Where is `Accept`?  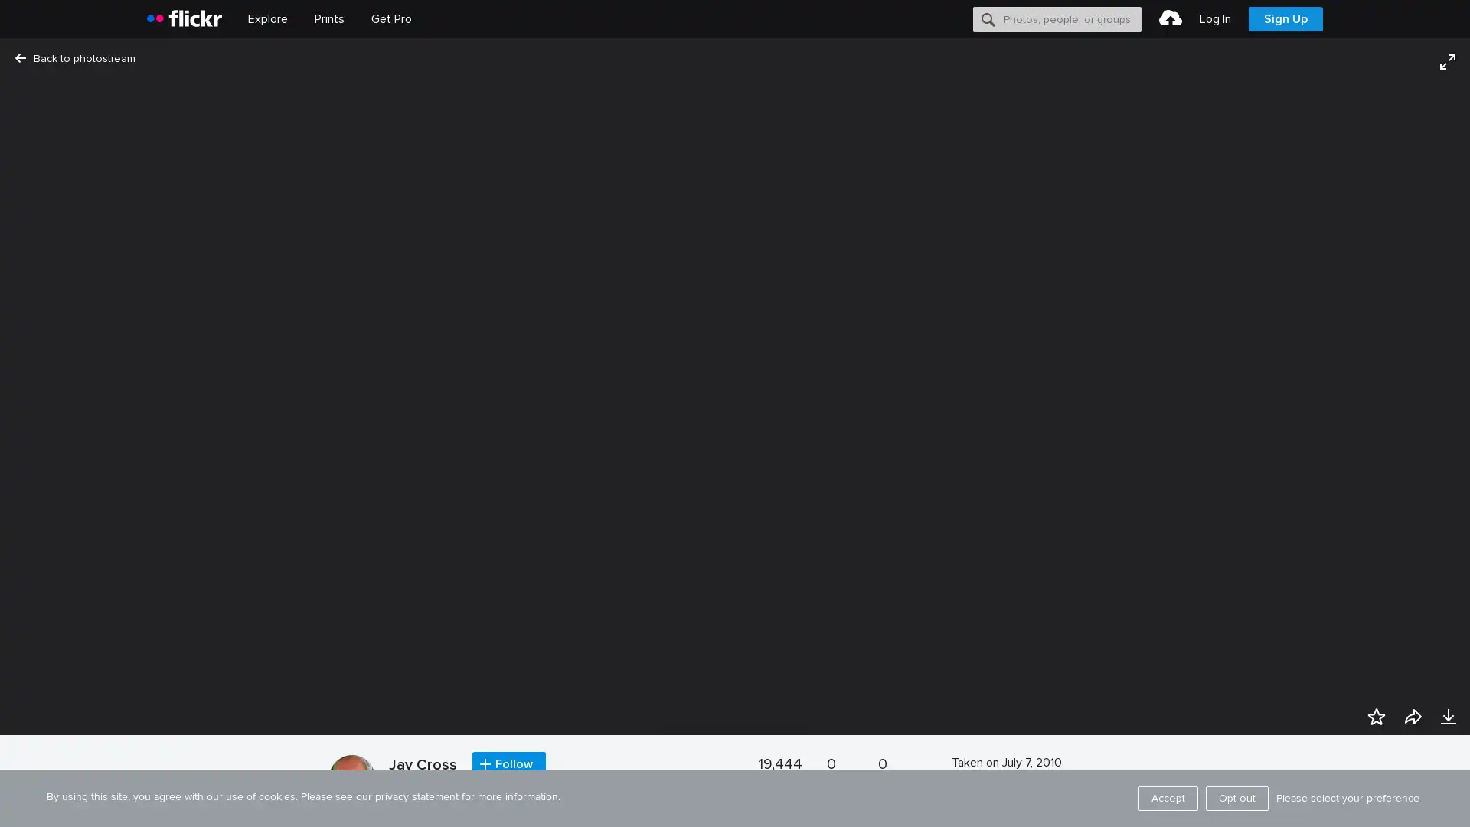 Accept is located at coordinates (1168, 797).